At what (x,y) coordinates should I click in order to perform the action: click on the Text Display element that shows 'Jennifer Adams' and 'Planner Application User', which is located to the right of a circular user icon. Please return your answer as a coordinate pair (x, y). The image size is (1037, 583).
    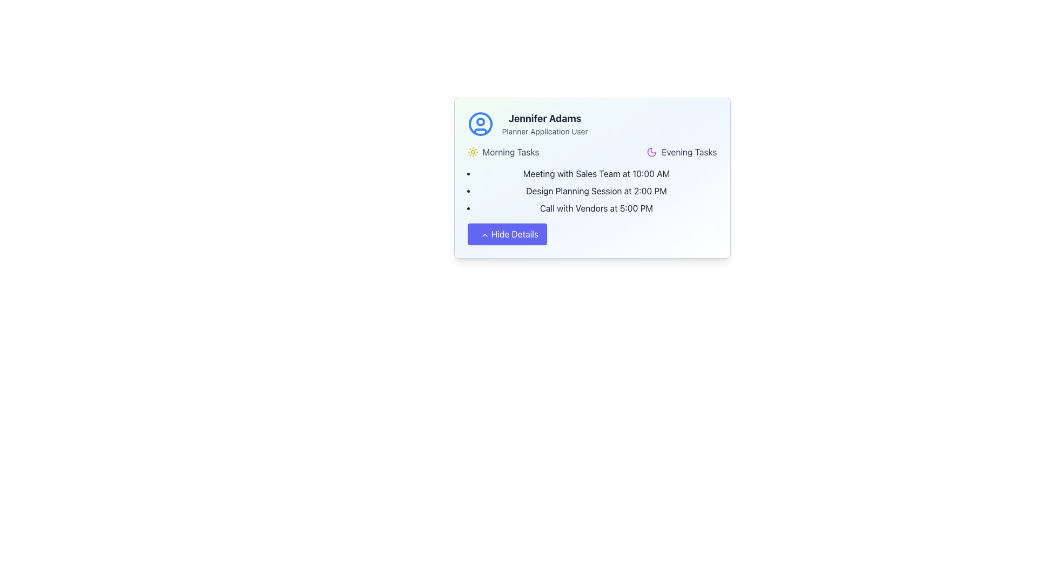
    Looking at the image, I should click on (545, 124).